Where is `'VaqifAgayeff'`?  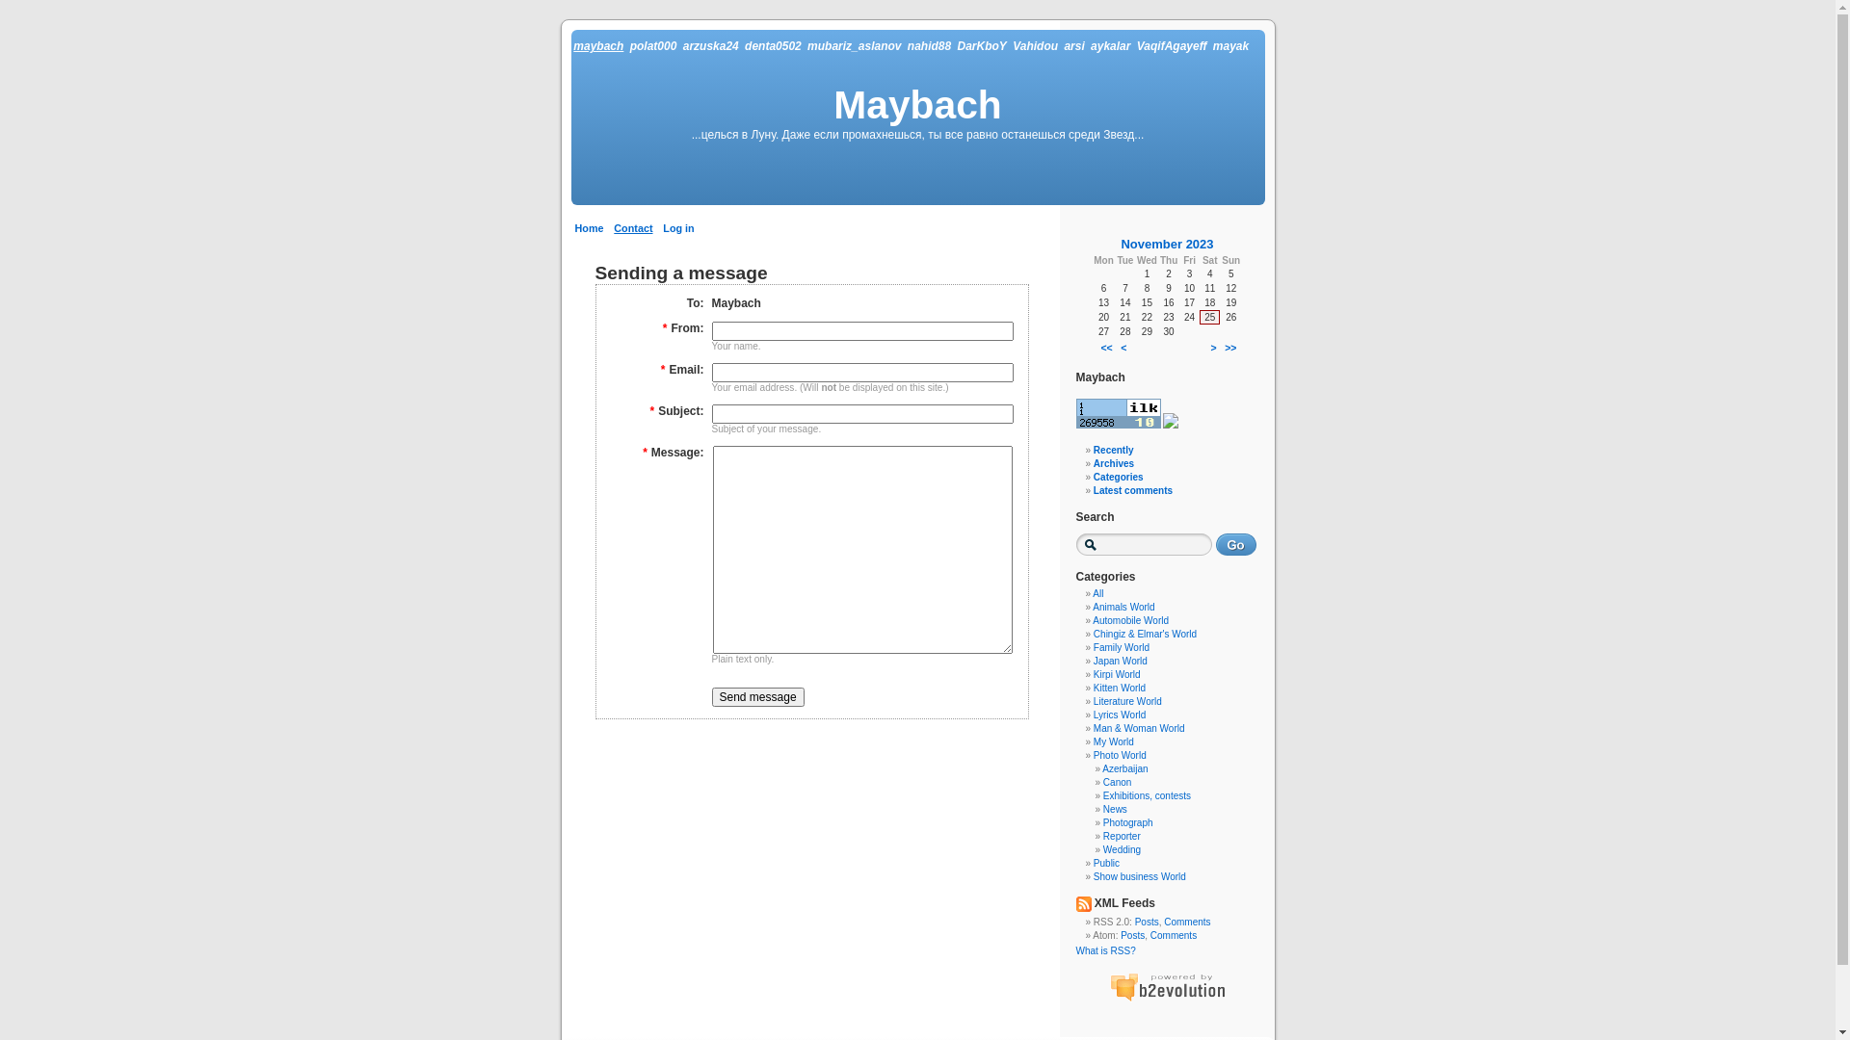
'VaqifAgayeff' is located at coordinates (1171, 44).